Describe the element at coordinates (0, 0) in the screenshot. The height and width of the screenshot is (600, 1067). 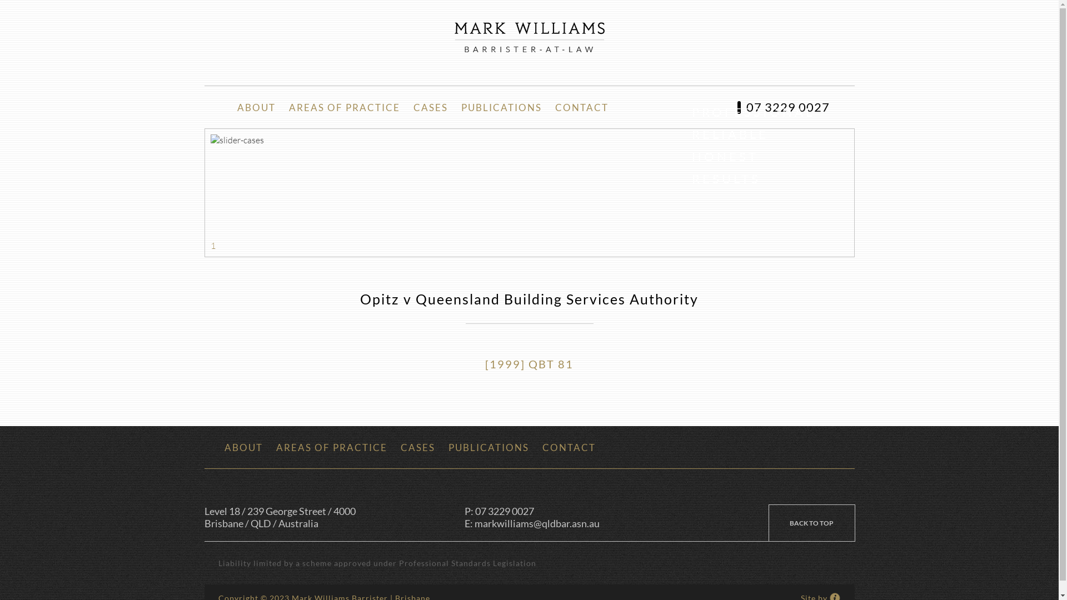
I see `'Skip to primary navigation'` at that location.